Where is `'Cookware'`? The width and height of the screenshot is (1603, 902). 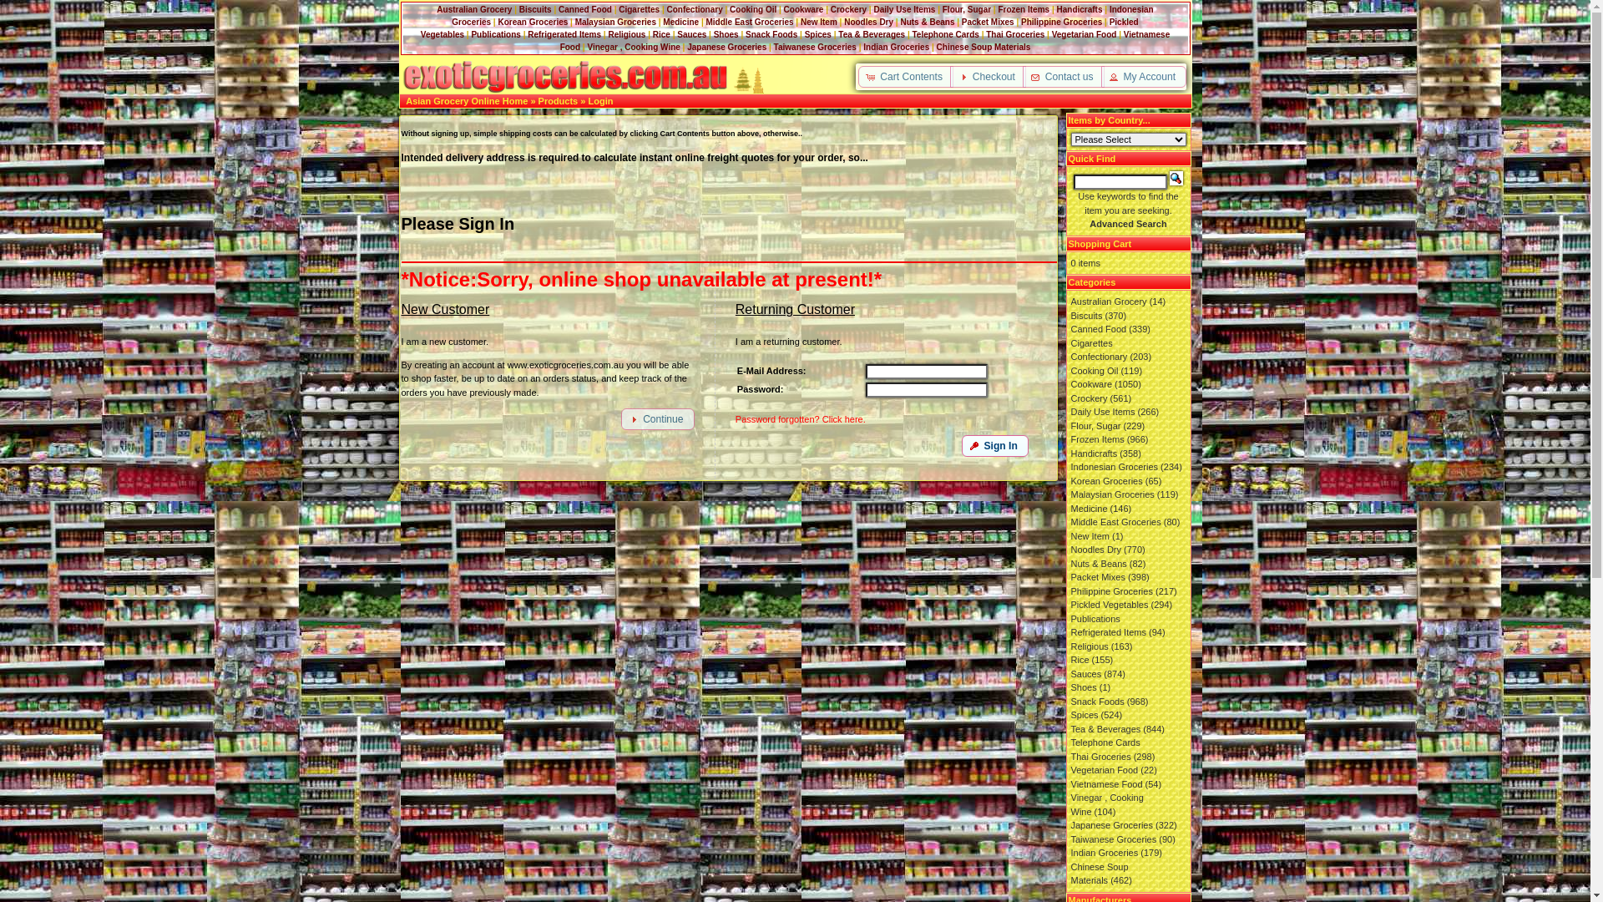 'Cookware' is located at coordinates (804, 9).